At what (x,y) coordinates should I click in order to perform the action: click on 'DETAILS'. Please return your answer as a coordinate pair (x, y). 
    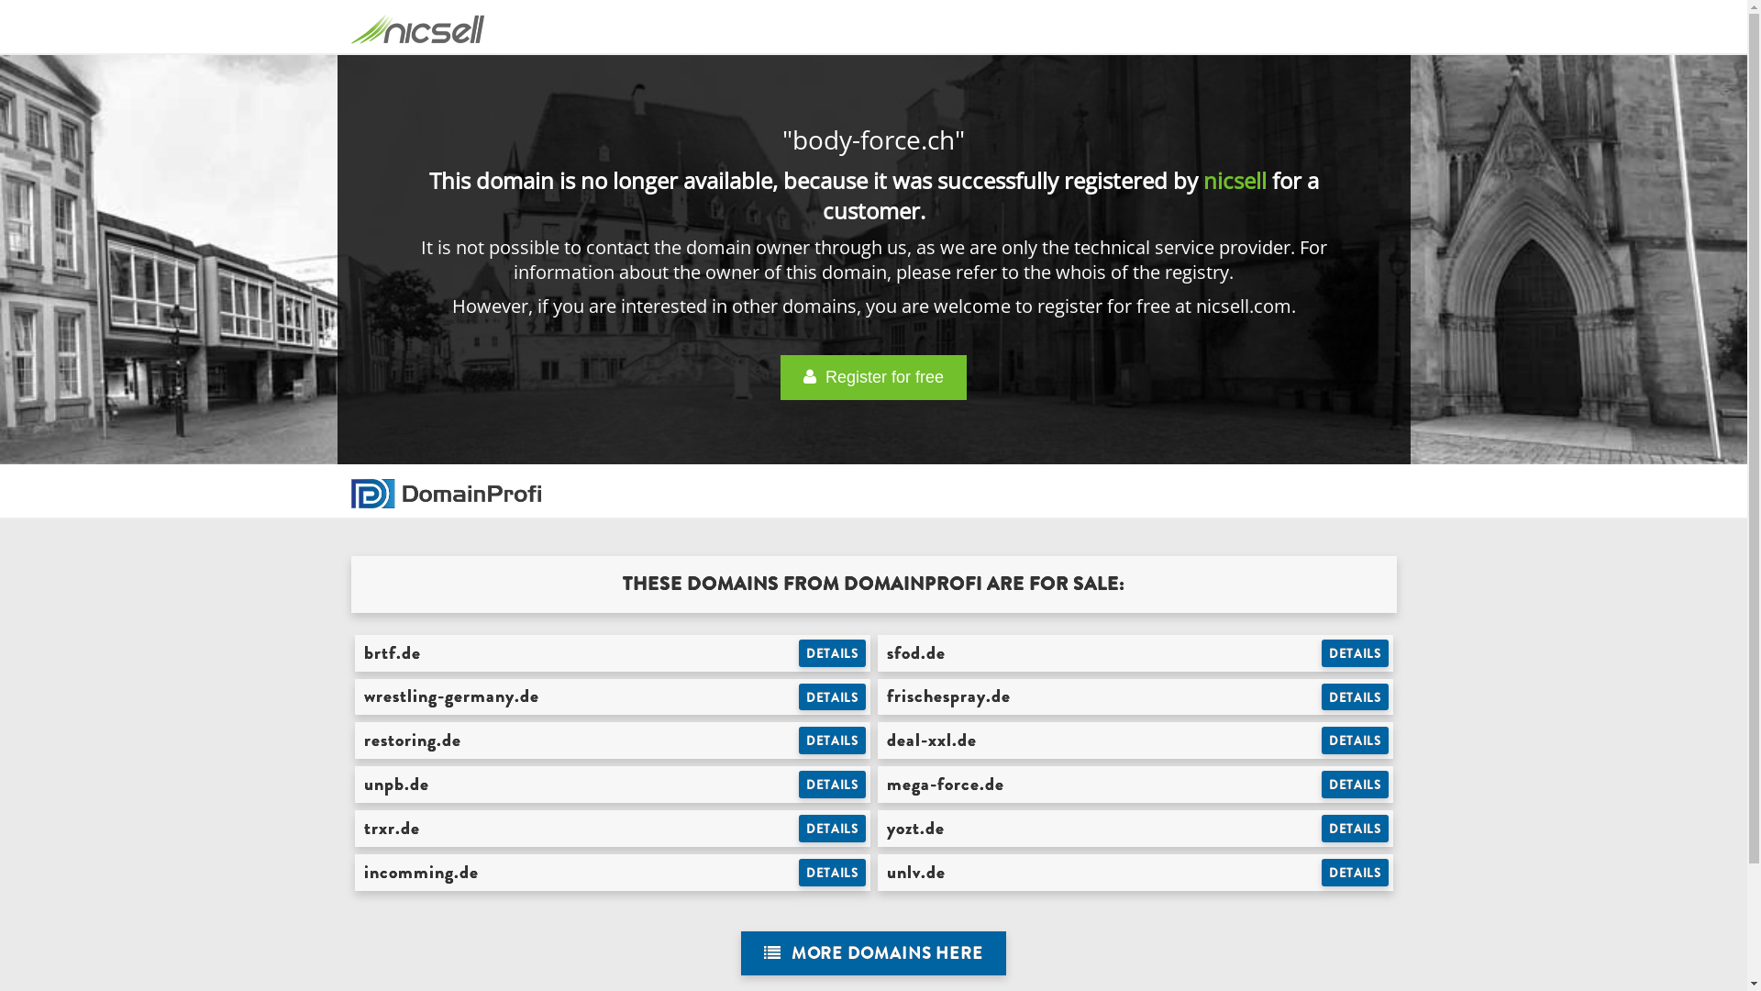
    Looking at the image, I should click on (1321, 872).